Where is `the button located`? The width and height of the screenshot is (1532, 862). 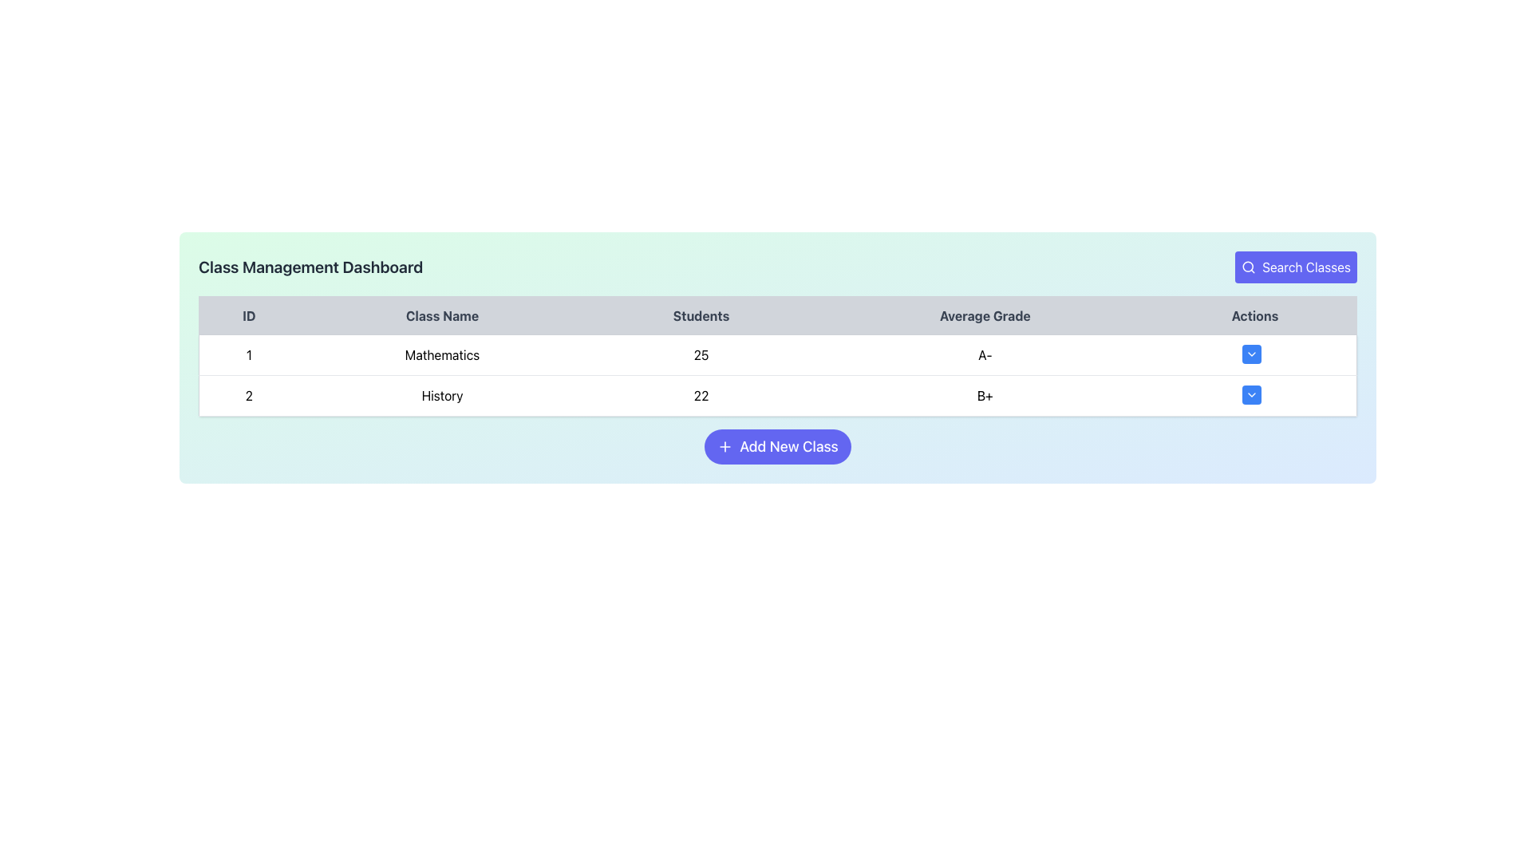
the button located is located at coordinates (1296, 267).